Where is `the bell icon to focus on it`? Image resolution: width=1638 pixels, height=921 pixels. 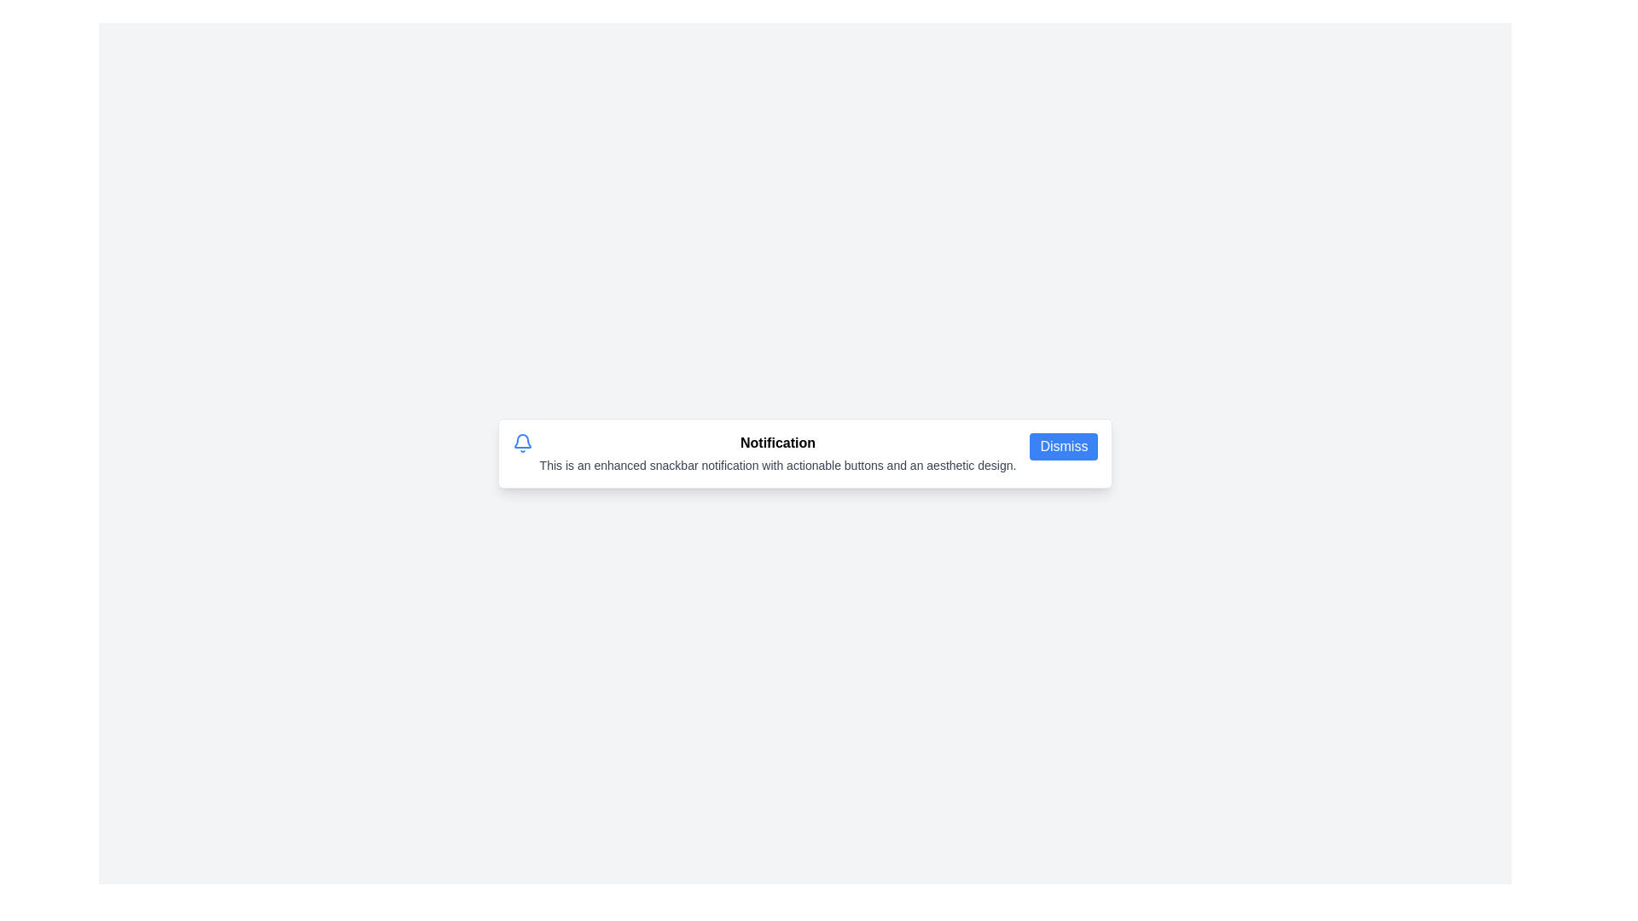 the bell icon to focus on it is located at coordinates (520, 443).